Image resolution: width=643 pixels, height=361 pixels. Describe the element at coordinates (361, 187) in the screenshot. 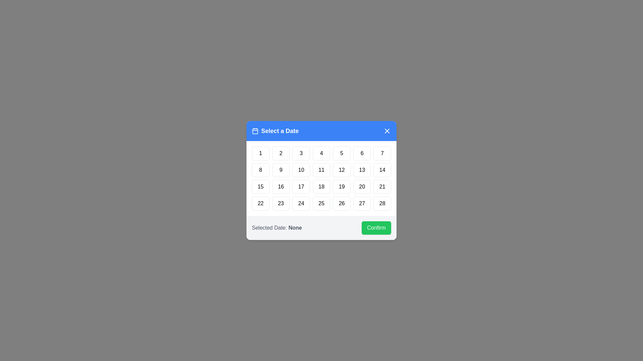

I see `the button representing the day 20 to select that date` at that location.